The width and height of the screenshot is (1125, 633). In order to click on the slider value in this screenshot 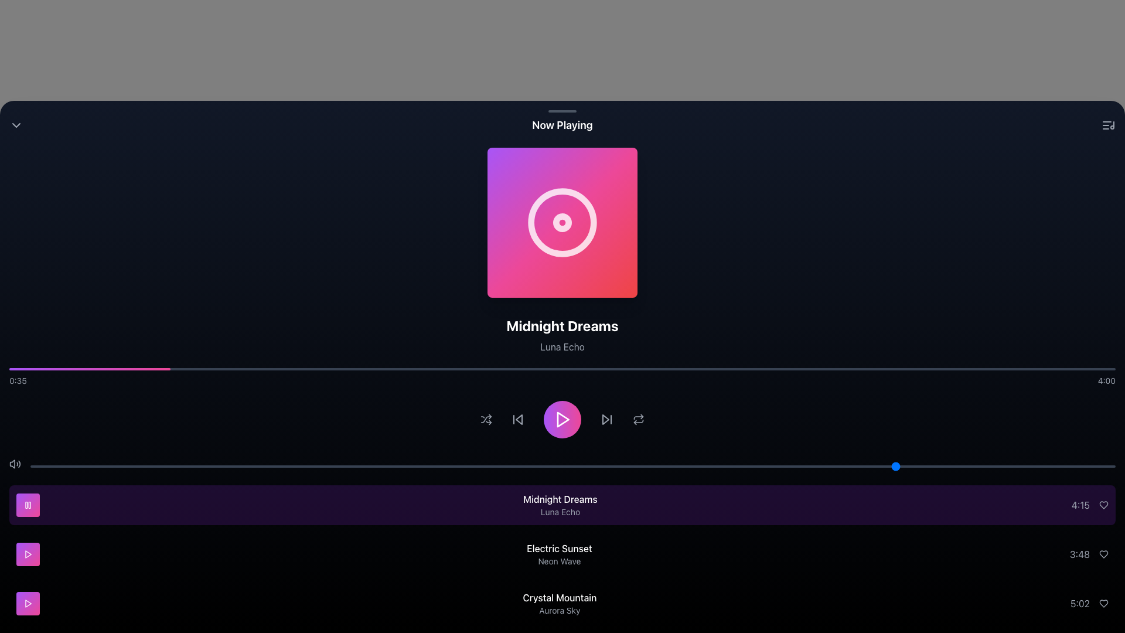, I will do `click(637, 465)`.